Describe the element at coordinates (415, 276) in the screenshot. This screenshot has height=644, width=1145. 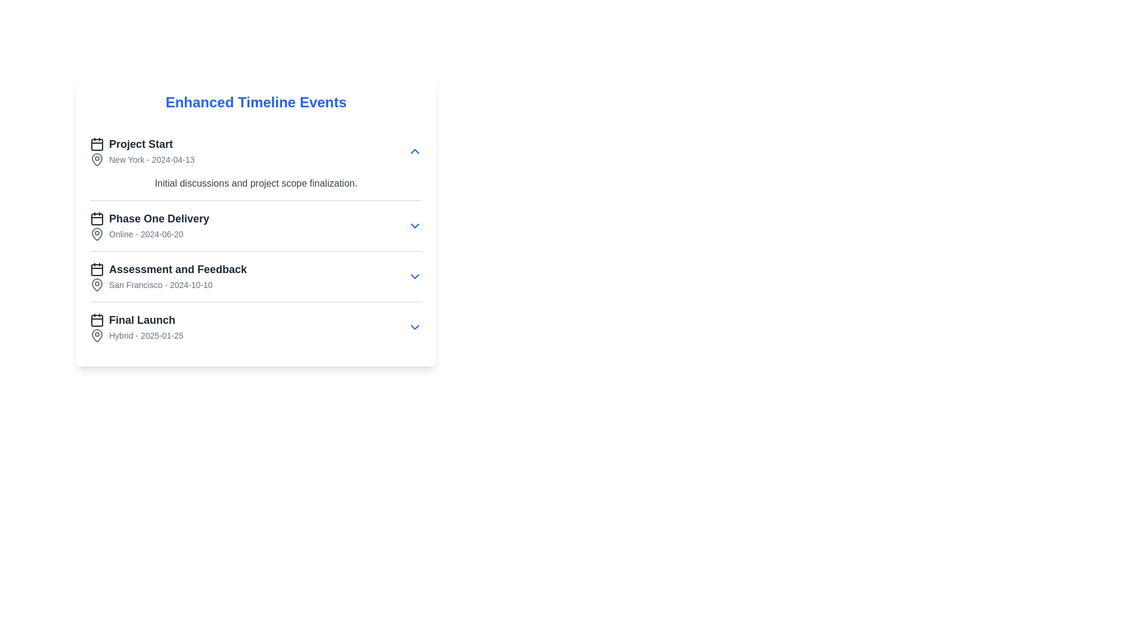
I see `the downward chevron icon styled in blue, located on the far right of the 'Assessment and Feedback' section in the timeline interface` at that location.